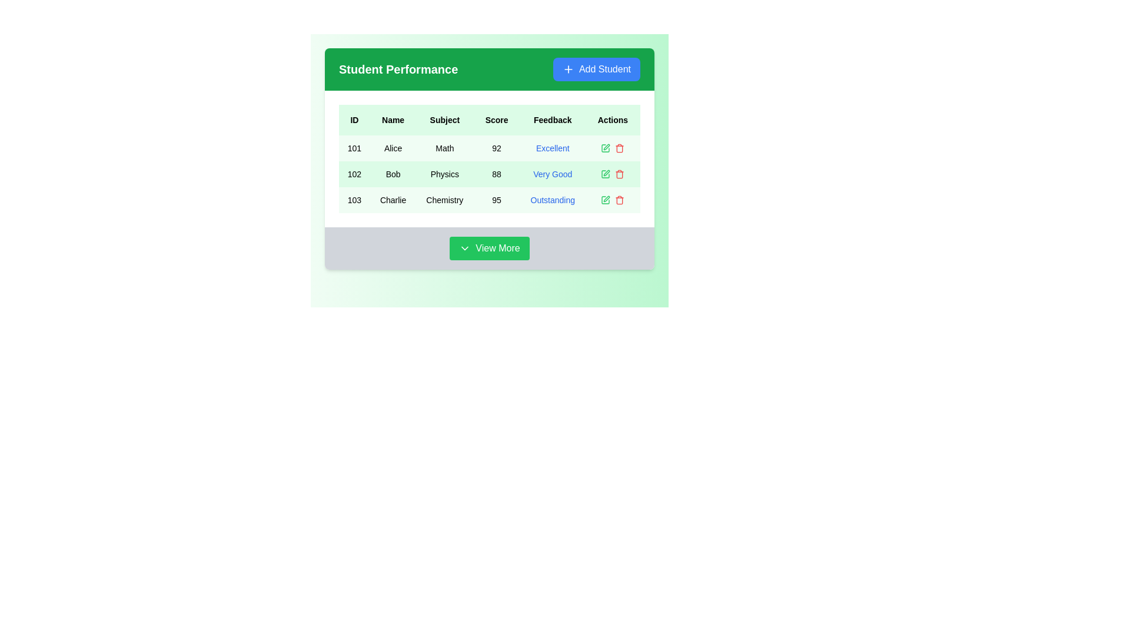 The image size is (1130, 636). What do you see at coordinates (619, 174) in the screenshot?
I see `the delete button located in the rightmost segment of the 'Actions' column for the row associated with 'Bob'` at bounding box center [619, 174].